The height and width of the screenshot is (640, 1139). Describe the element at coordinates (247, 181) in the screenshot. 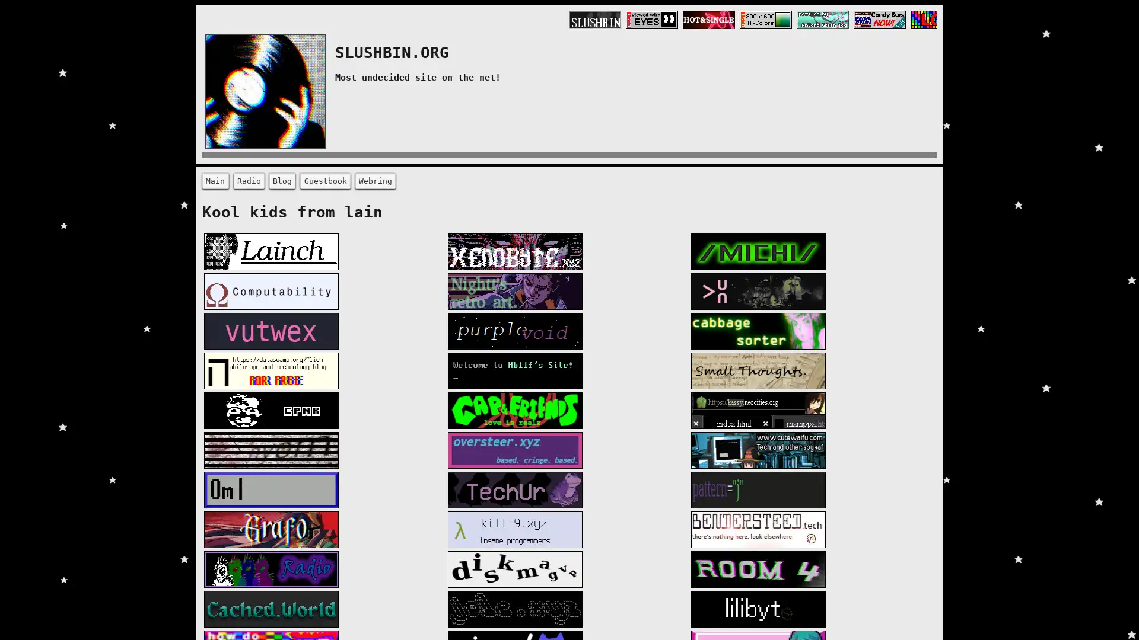

I see `Radio` at that location.